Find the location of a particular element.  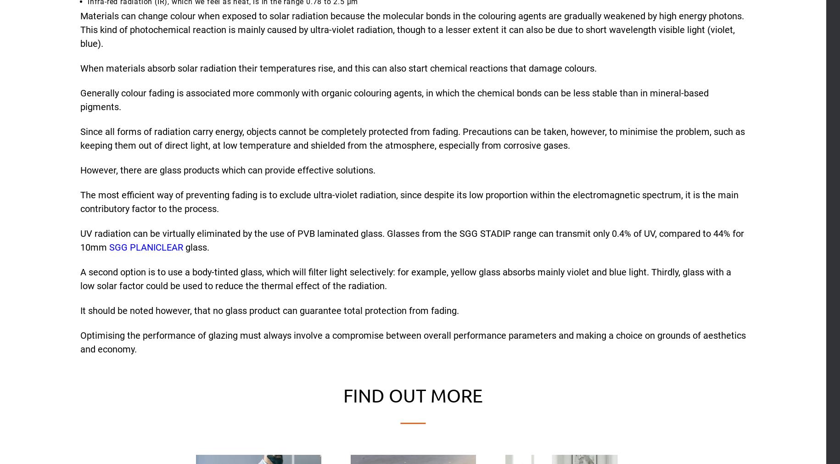

'Materials can change colour when exposed to solar radiation because the molecular bonds in the colouring agents are gradually weakened by high energy photons. This kind of photochemical reaction is mainly caused by ultra-violet radiation, though to a lesser extent it can also be due to short wavelength visible light (violet, blue).' is located at coordinates (412, 28).